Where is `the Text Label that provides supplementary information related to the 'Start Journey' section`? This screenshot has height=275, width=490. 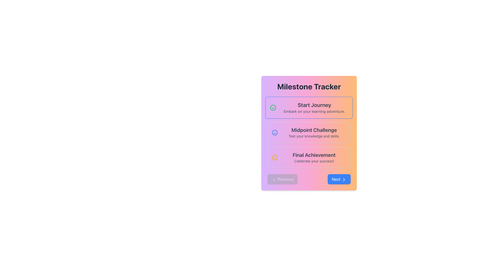
the Text Label that provides supplementary information related to the 'Start Journey' section is located at coordinates (314, 111).